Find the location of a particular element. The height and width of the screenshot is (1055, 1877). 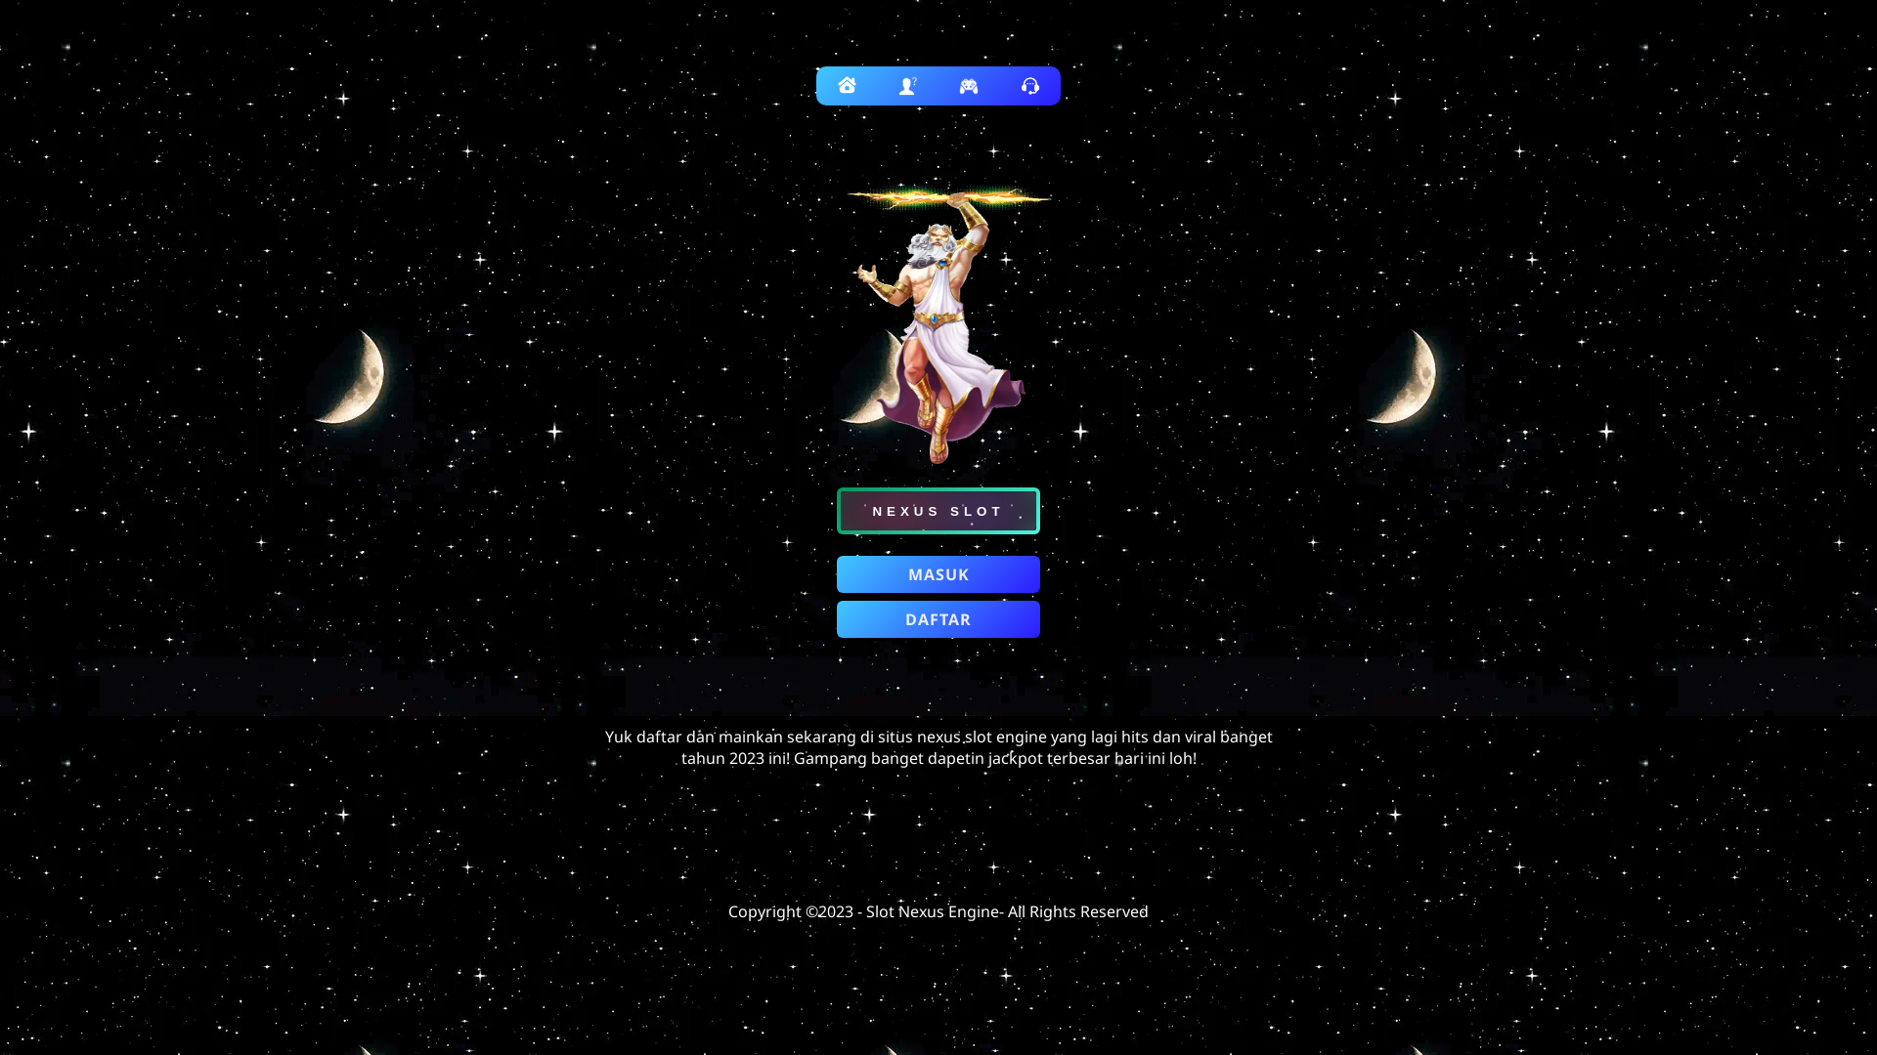

'DAFTAR' is located at coordinates (836, 618).